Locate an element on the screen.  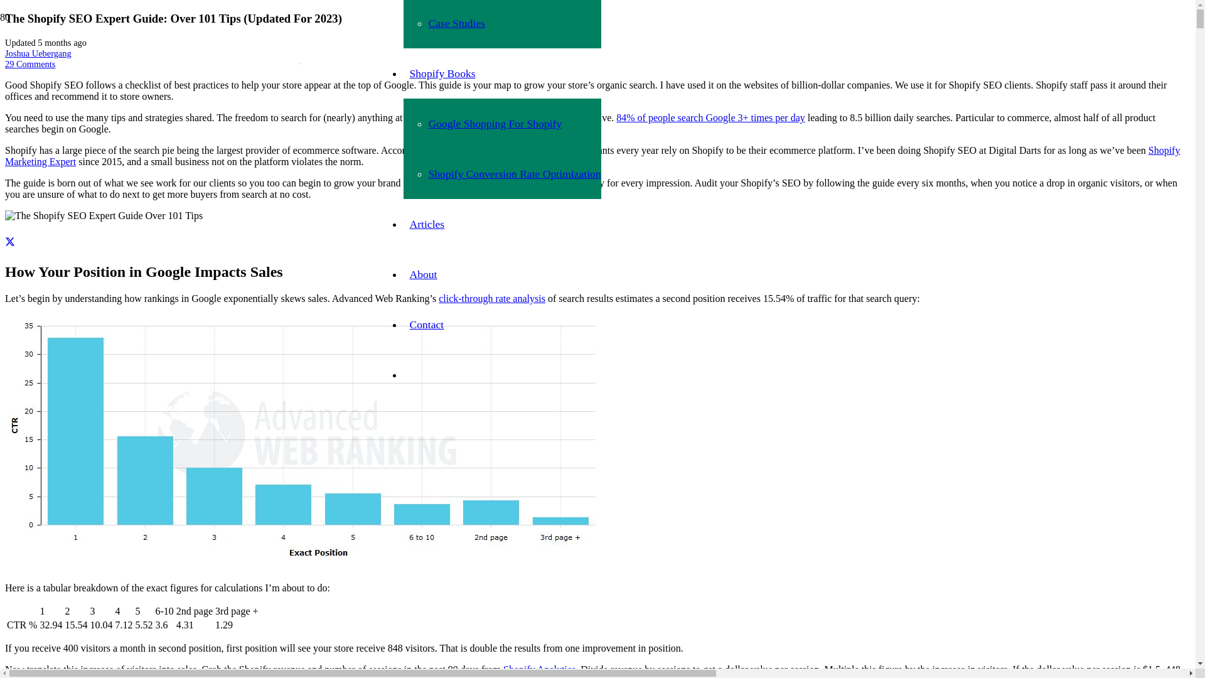
'Shopify Analytics' is located at coordinates (539, 669).